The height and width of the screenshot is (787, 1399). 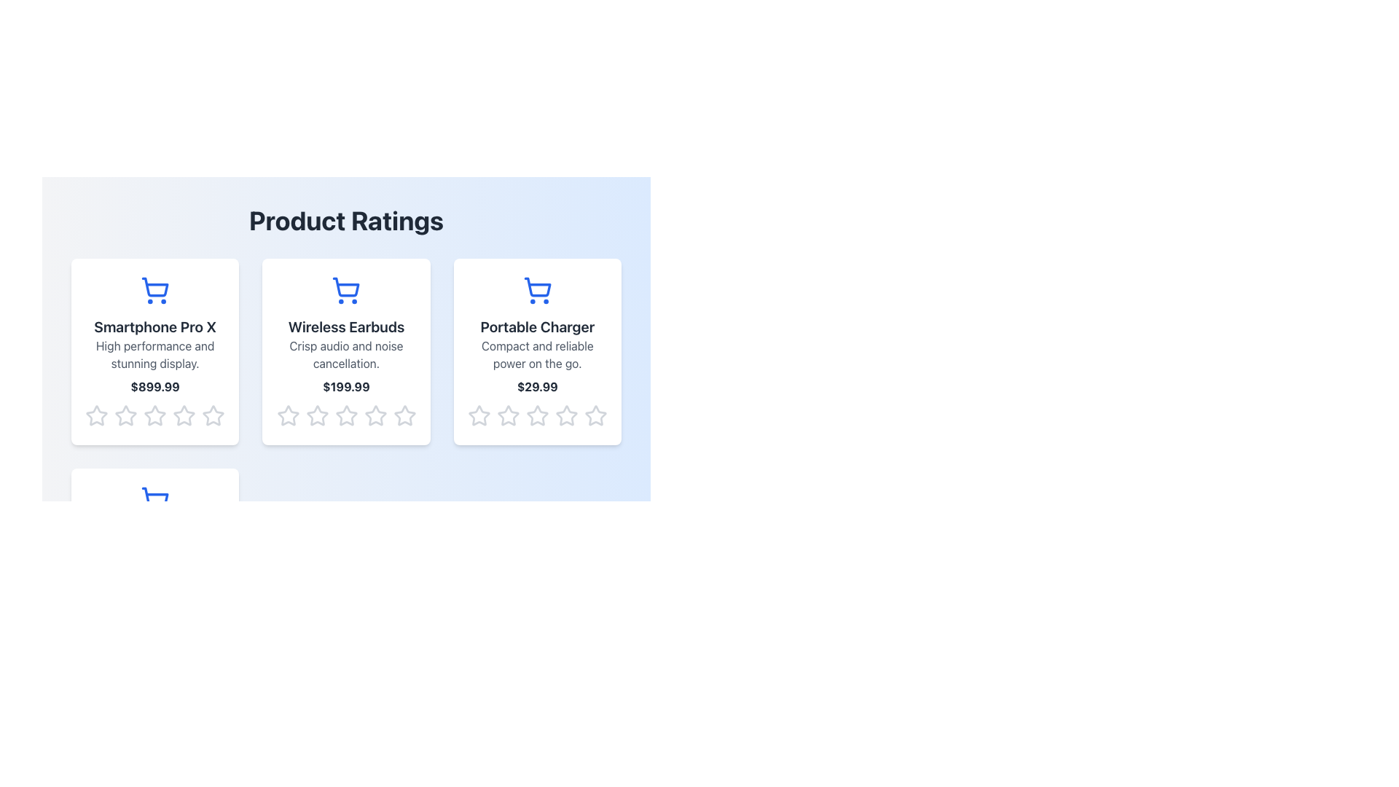 I want to click on the fourth star rating icon for the 'Portable Charger' to reset its rating to four stars, so click(x=565, y=415).